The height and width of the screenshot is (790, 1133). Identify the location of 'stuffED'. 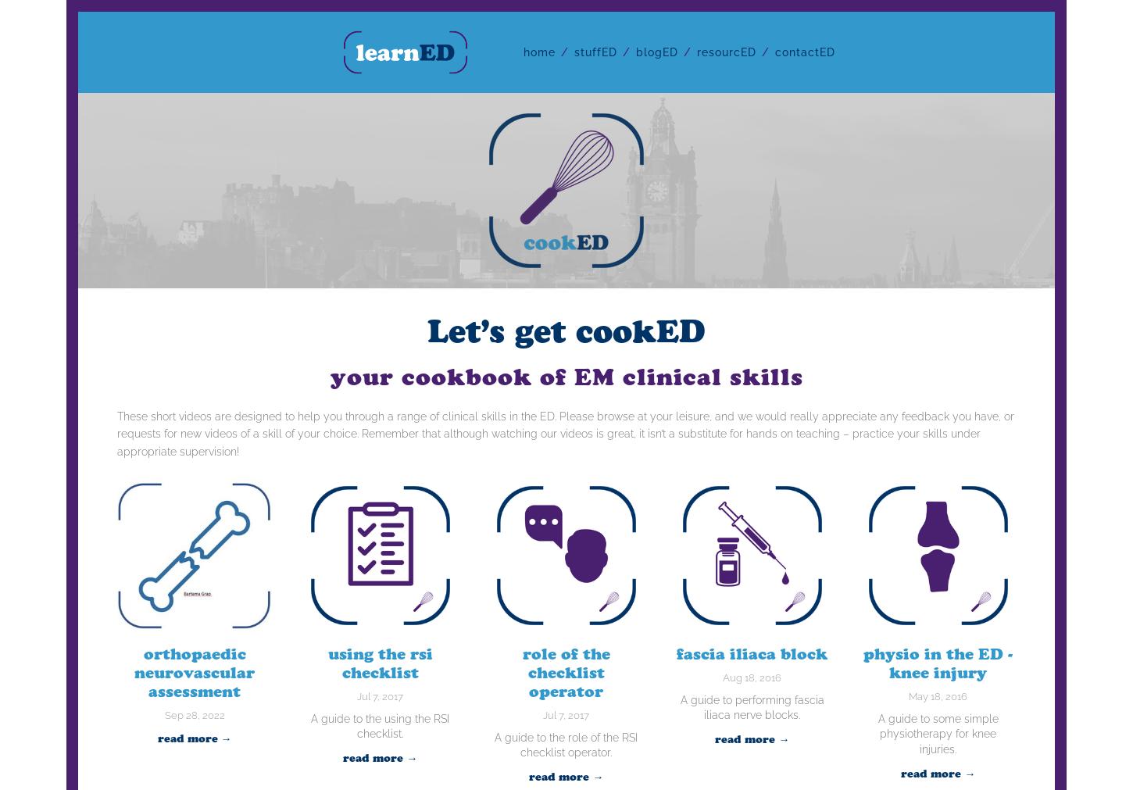
(574, 51).